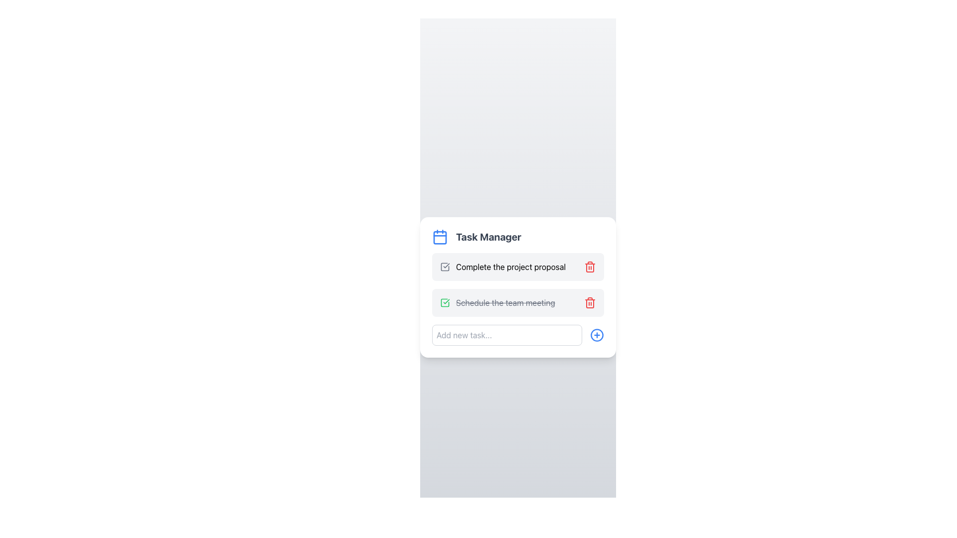  What do you see at coordinates (440, 238) in the screenshot?
I see `the rectangle with rounded corners that is part of the blue calendar icon located to the left of the heading 'Task Manager'` at bounding box center [440, 238].